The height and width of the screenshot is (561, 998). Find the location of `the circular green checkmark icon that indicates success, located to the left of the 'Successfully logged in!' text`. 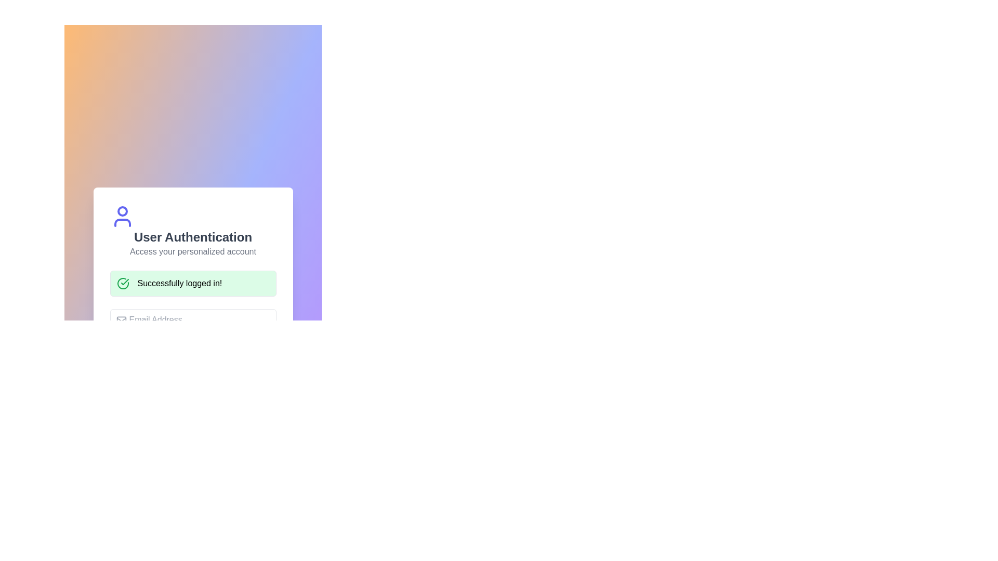

the circular green checkmark icon that indicates success, located to the left of the 'Successfully logged in!' text is located at coordinates (123, 284).